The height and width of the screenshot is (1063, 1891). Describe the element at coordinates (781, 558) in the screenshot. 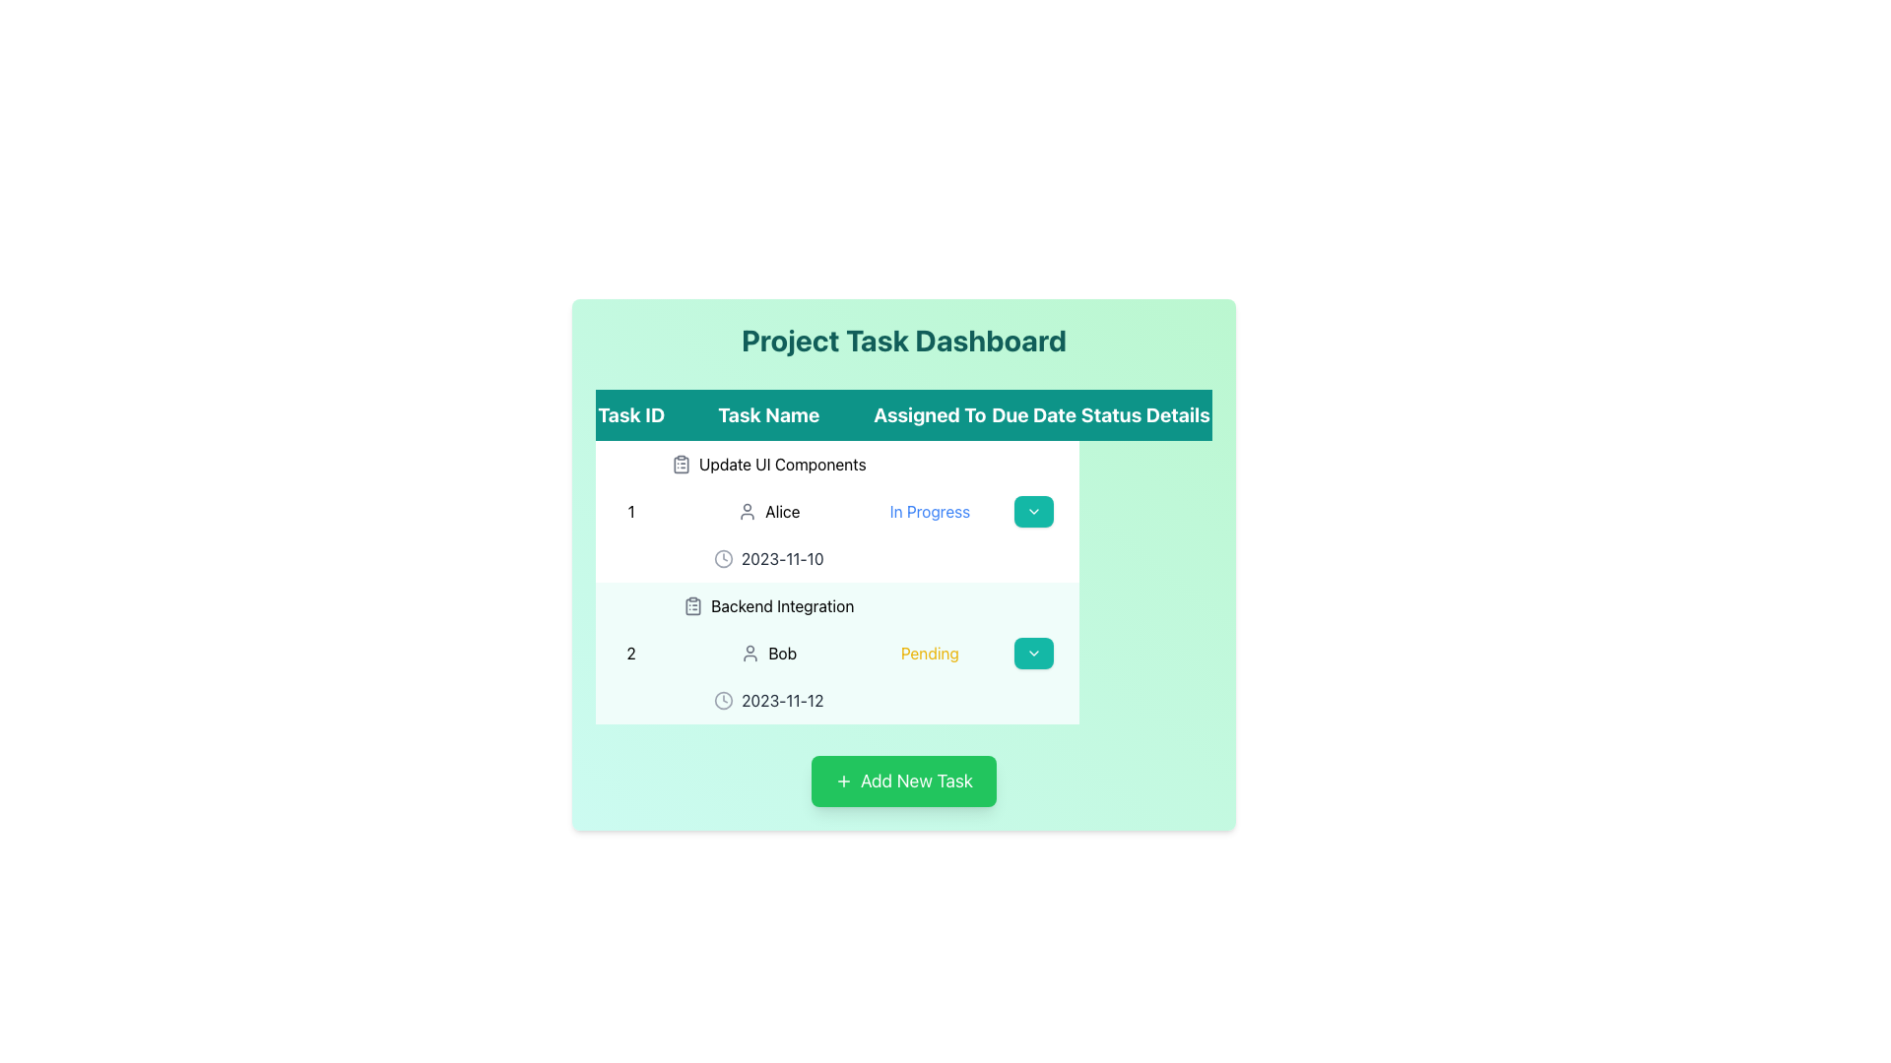

I see `the Text Display that shows the due date for the task, located to the right of the clock icon in the 'Due Date' column of the first row in the task table` at that location.